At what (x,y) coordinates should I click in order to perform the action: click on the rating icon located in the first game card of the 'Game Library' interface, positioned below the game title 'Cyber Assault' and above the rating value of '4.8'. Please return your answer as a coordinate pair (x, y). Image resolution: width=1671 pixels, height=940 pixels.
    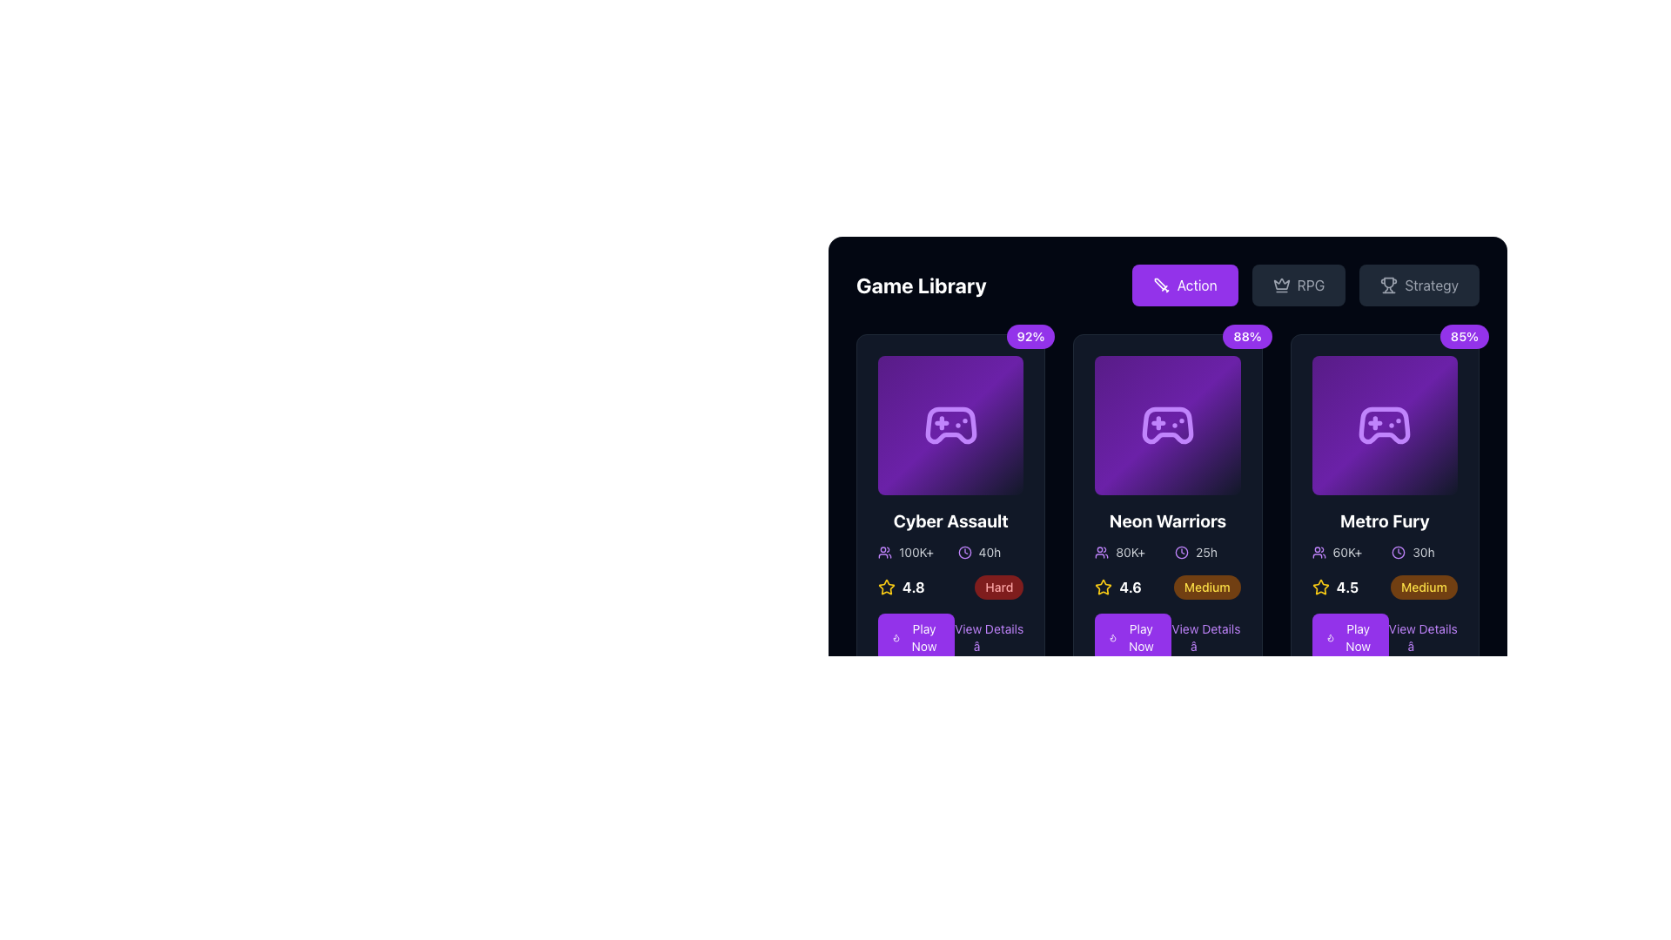
    Looking at the image, I should click on (886, 587).